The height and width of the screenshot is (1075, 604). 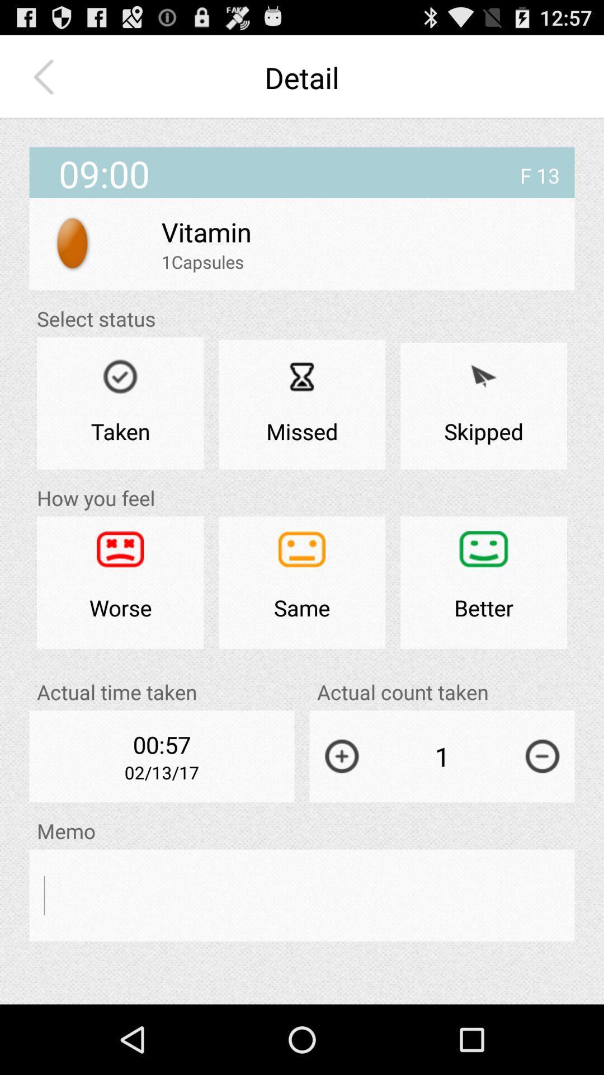 What do you see at coordinates (302, 582) in the screenshot?
I see `the radio button next to better radio button` at bounding box center [302, 582].